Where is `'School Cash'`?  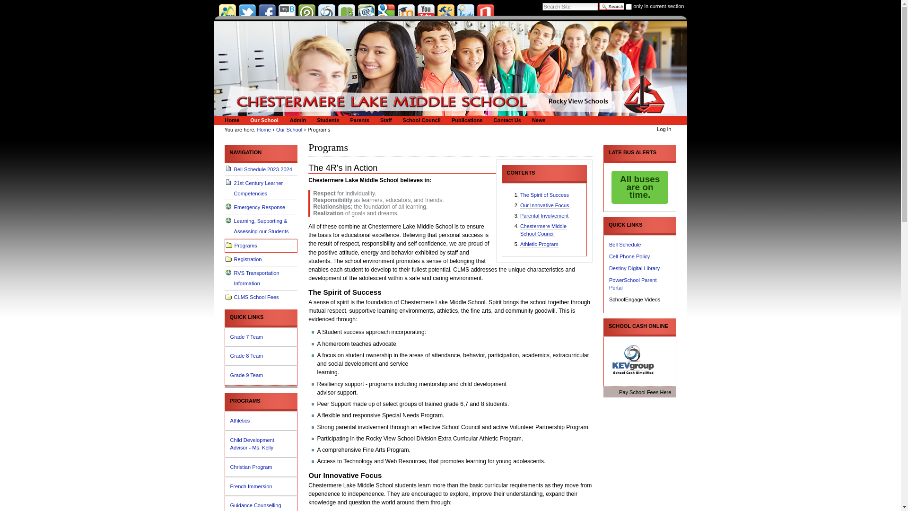 'School Cash' is located at coordinates (633, 359).